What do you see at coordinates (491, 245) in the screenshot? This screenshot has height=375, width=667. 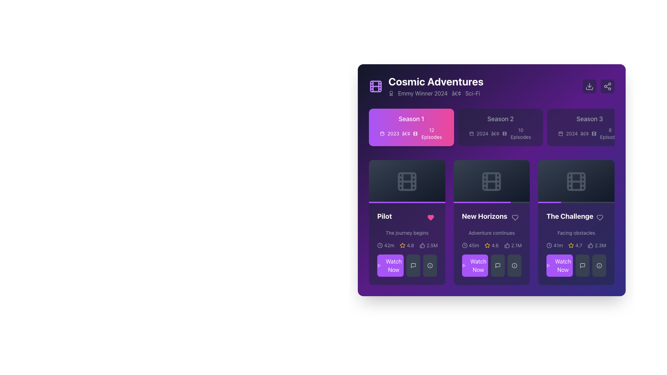 I see `the Text and Icon Group displaying '45m 4.6 2.1M' located below the 'New Horizons' heading and 'Adventure continues' subtitle` at bounding box center [491, 245].